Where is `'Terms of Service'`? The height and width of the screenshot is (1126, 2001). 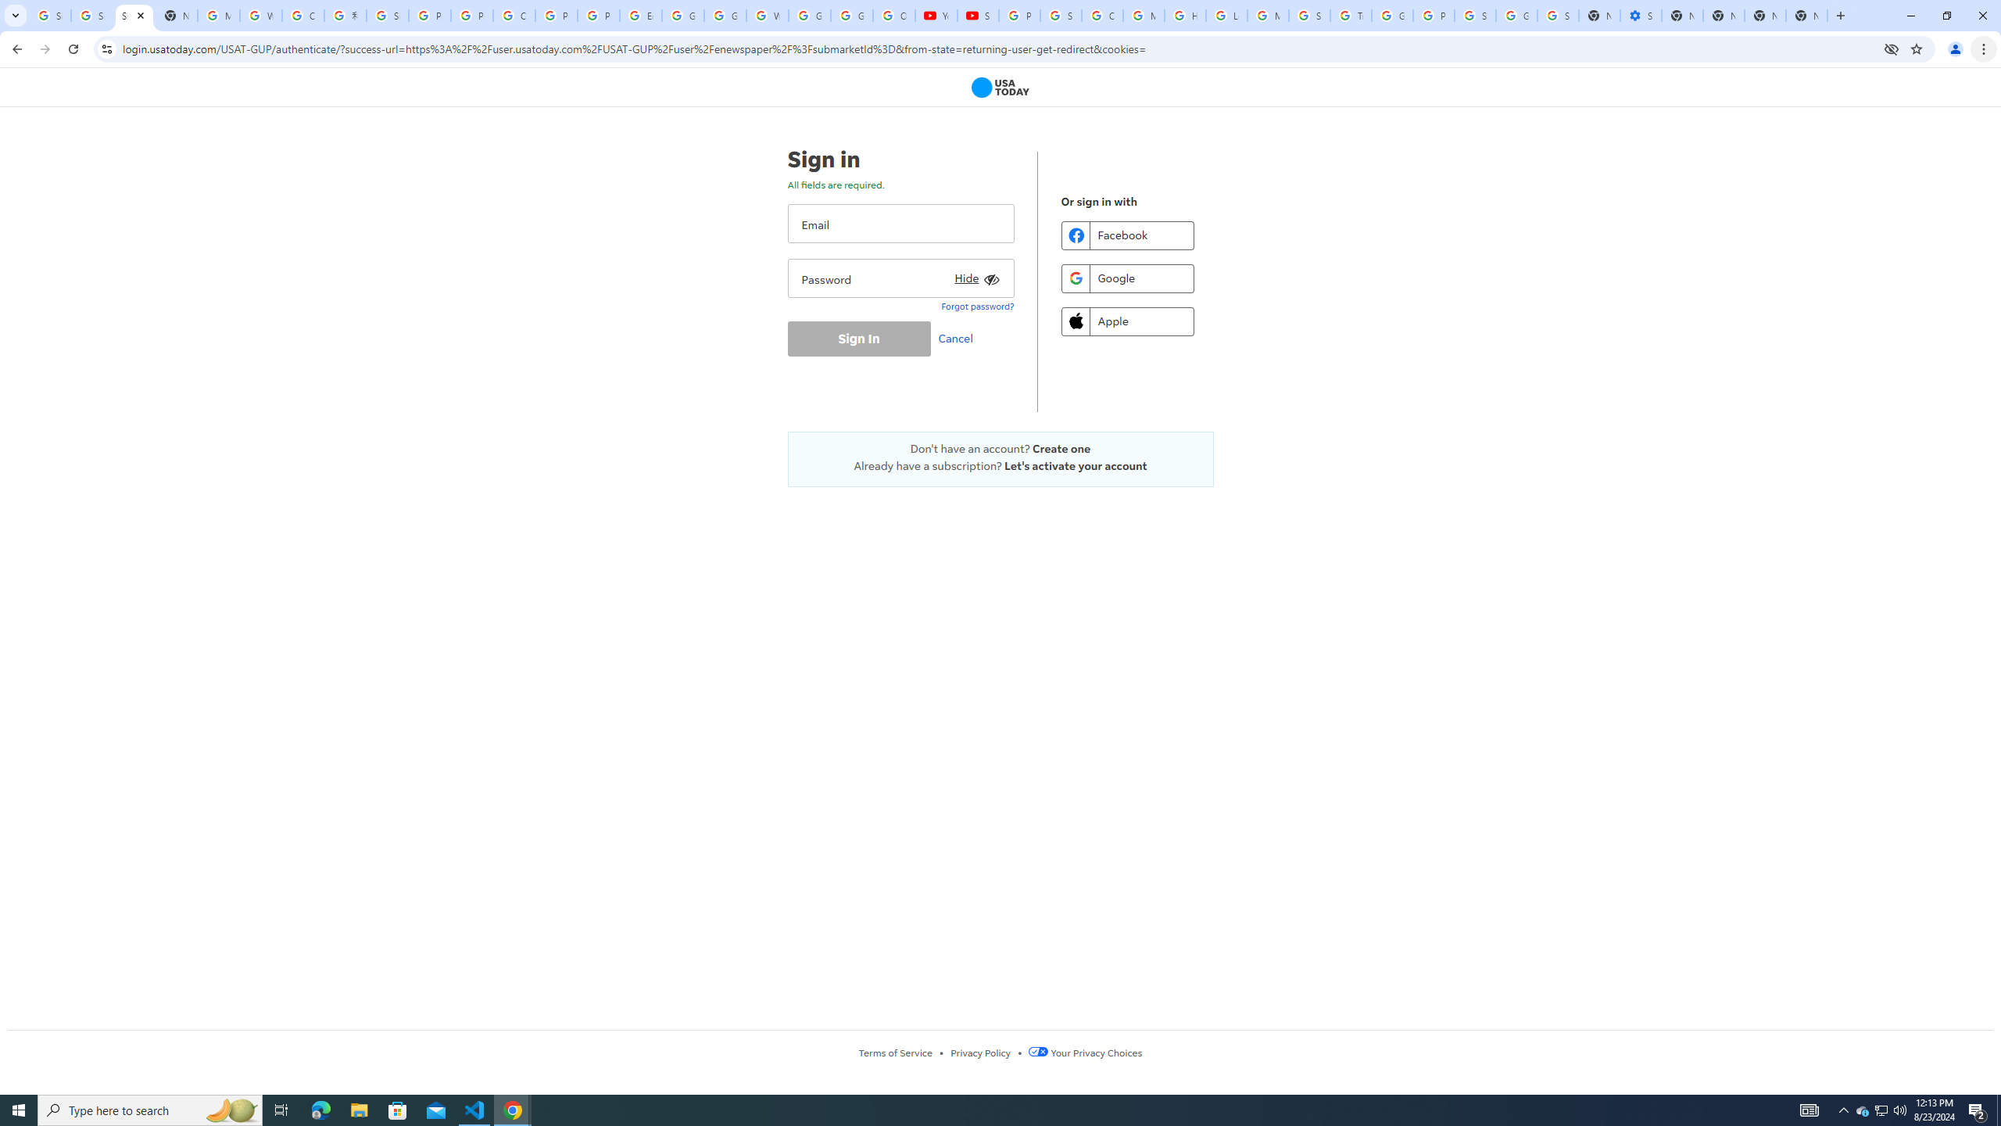
'Terms of Service' is located at coordinates (895, 1052).